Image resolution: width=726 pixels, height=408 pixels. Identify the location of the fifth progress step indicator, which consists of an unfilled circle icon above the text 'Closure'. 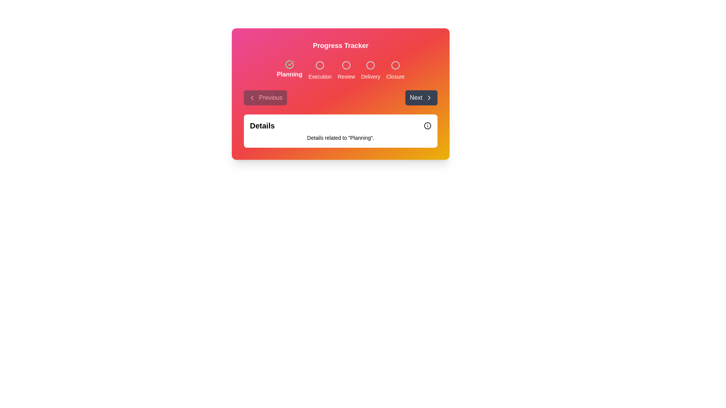
(395, 70).